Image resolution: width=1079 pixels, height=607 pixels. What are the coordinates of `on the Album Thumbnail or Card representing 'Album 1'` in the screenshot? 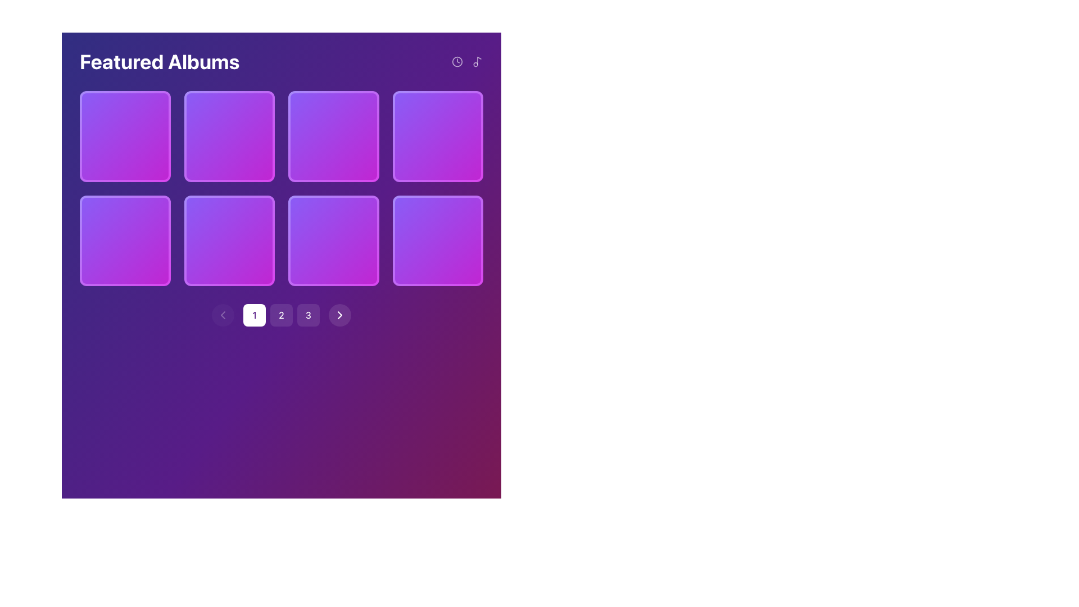 It's located at (125, 135).